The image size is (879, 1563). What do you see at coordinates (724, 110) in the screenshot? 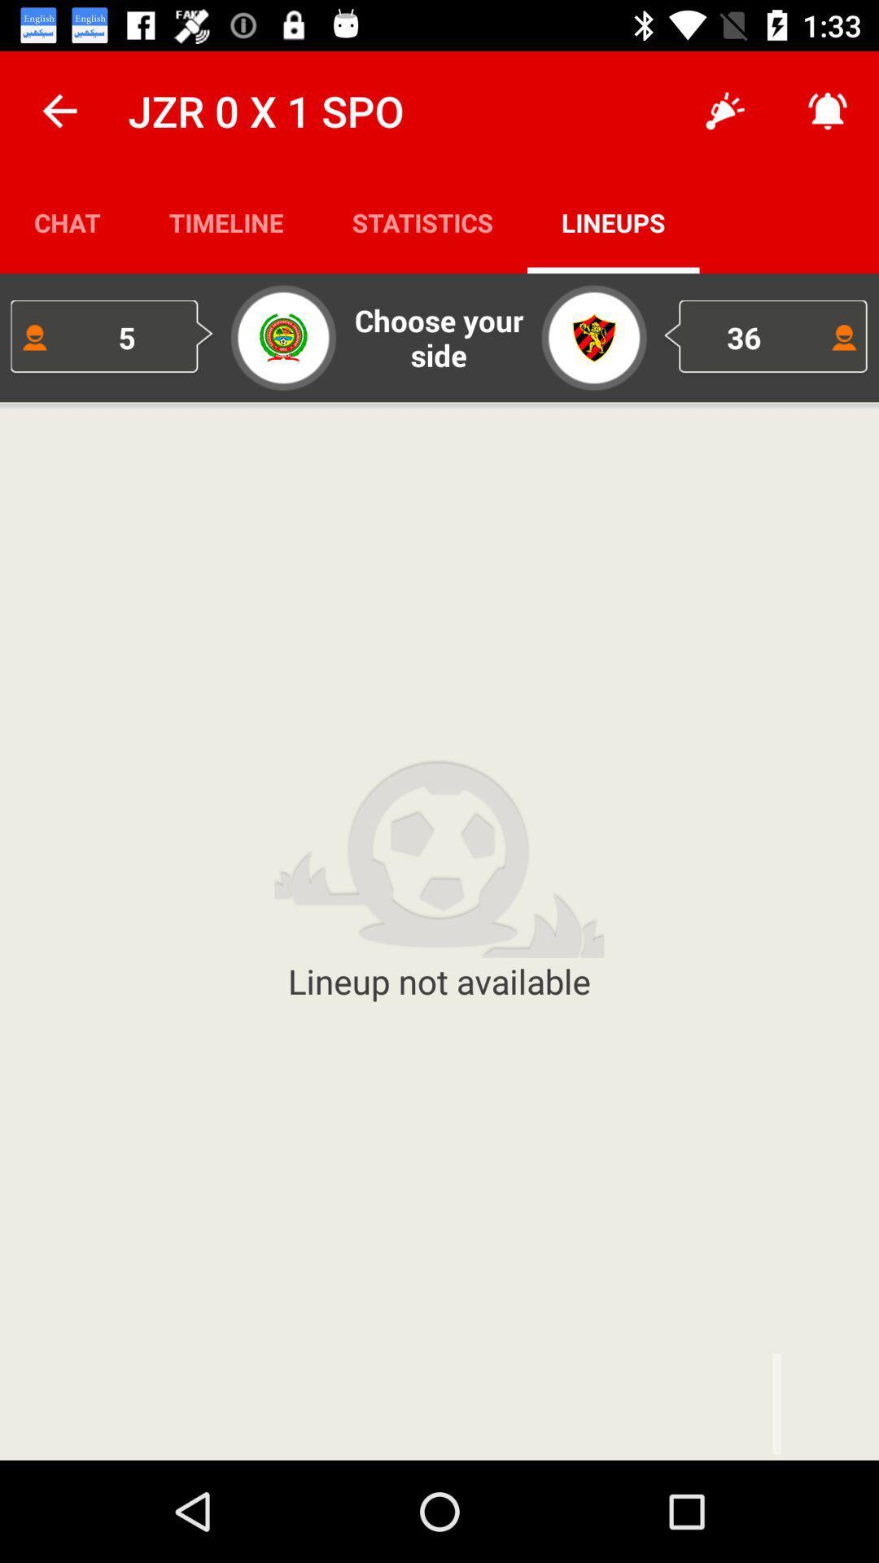
I see `the icon next to the statistics icon` at bounding box center [724, 110].